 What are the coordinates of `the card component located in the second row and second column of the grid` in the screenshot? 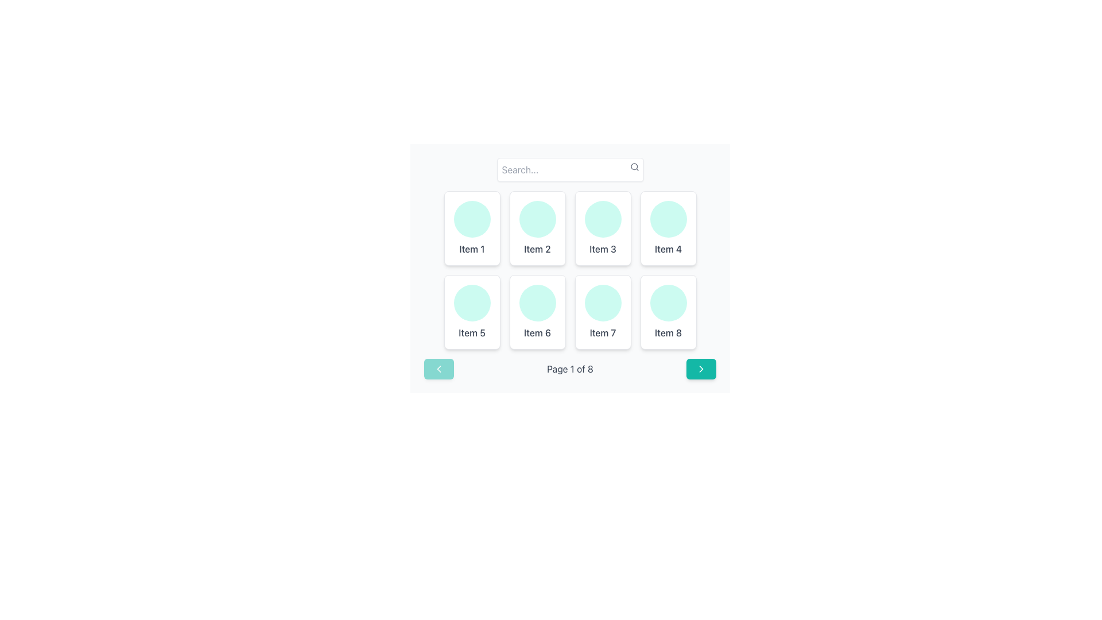 It's located at (537, 312).